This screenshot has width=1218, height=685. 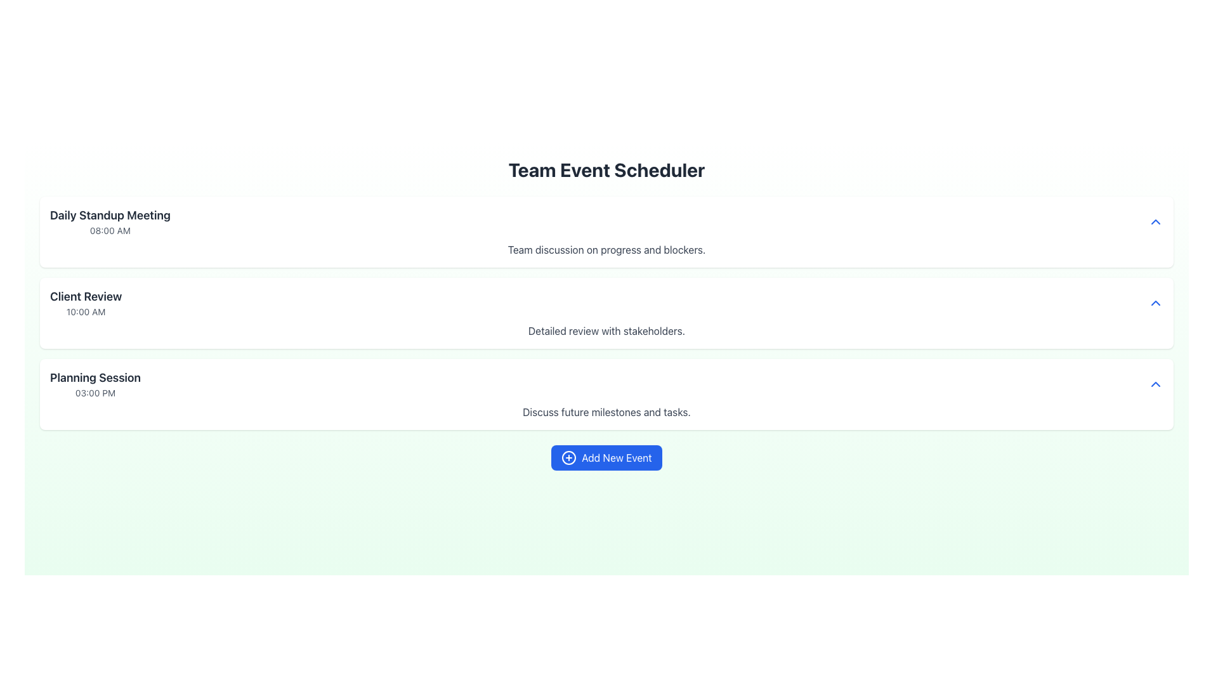 What do you see at coordinates (85, 303) in the screenshot?
I see `the text block displaying 'Client Review' and '10:00 AM', which is positioned between 'Daily Standup Meeting' and 'Planning Session' in the schedule layout` at bounding box center [85, 303].